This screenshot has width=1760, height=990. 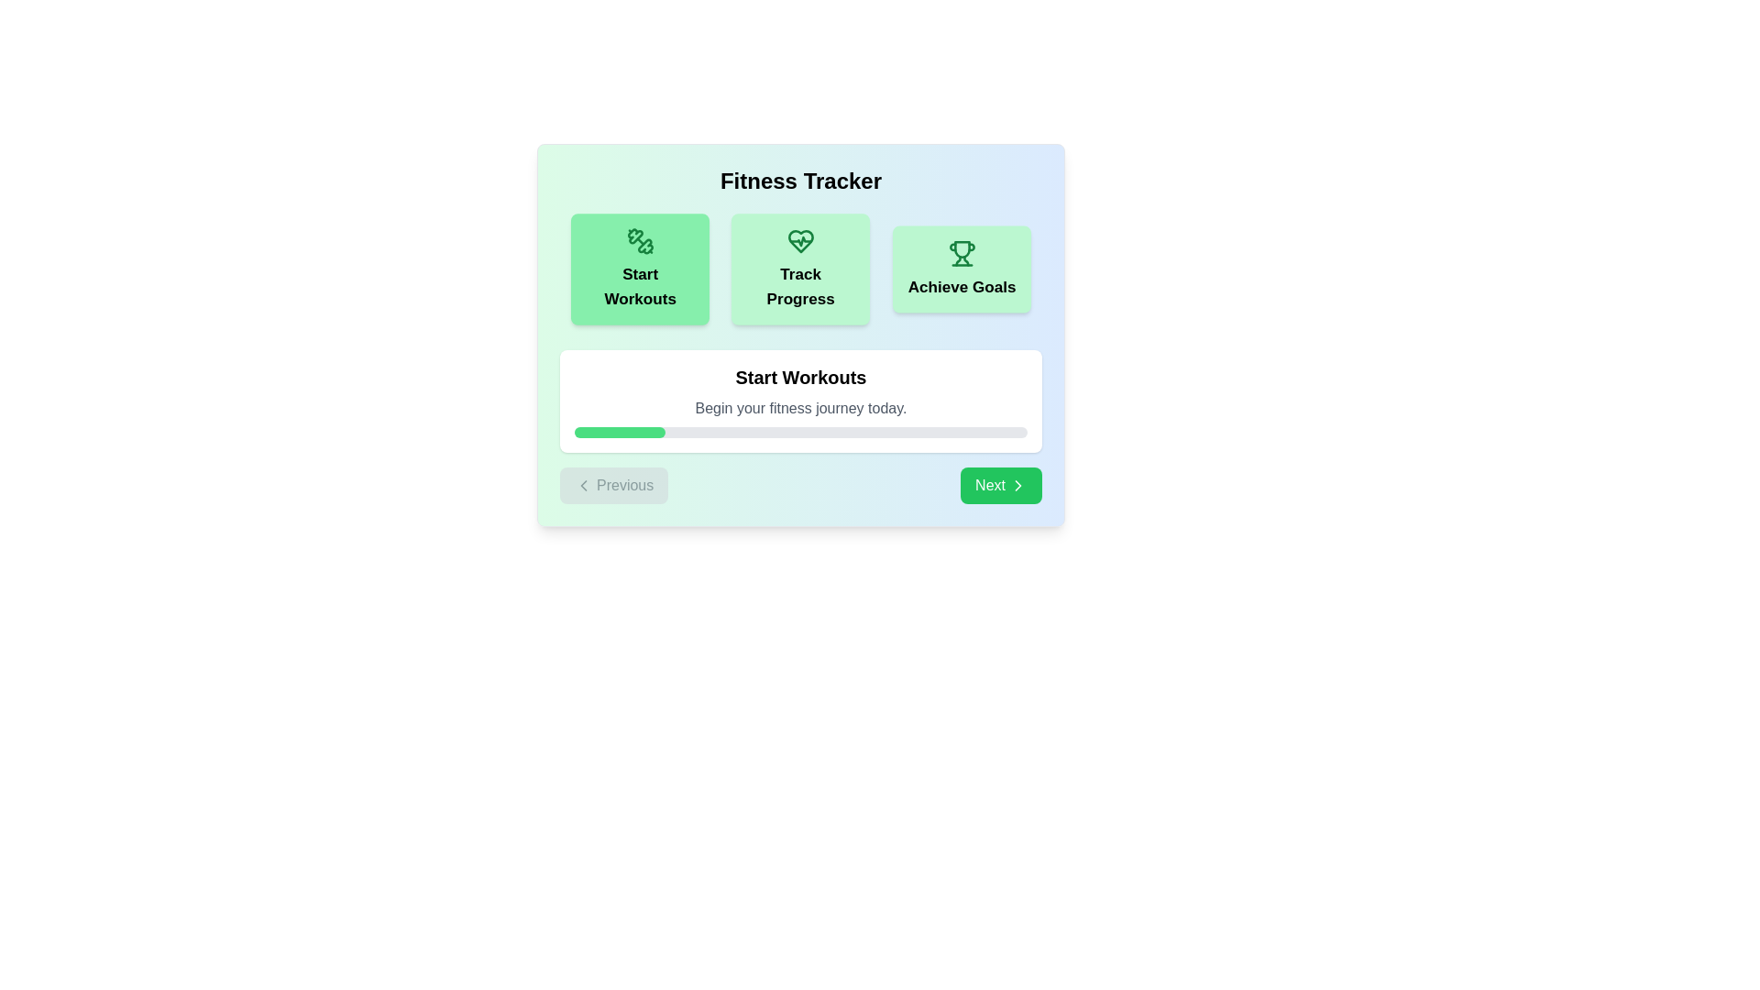 What do you see at coordinates (800, 240) in the screenshot?
I see `the heart-pulse SVG icon representing the 'Track Progress' button, which is styled with green color and is the second button in a row of three under the 'Fitness Tracker' title` at bounding box center [800, 240].